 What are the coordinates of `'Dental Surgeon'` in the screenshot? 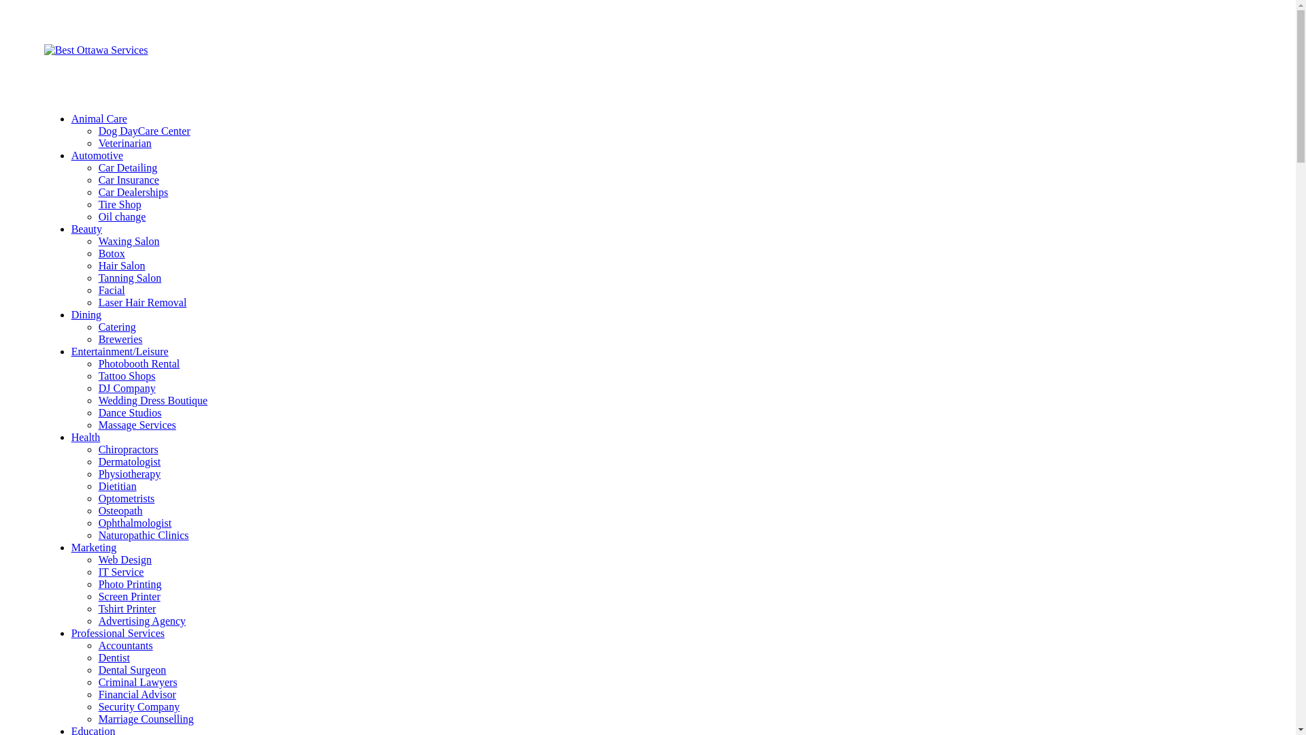 It's located at (97, 669).